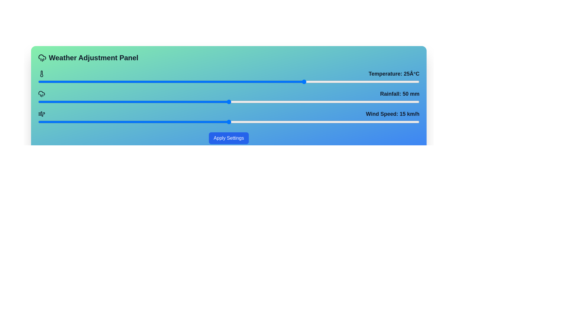  I want to click on the confirm button at the bottom of the Weather Adjustment Panel to apply the adjusted settings for temperature, rainfall, and wind speed, so click(228, 138).